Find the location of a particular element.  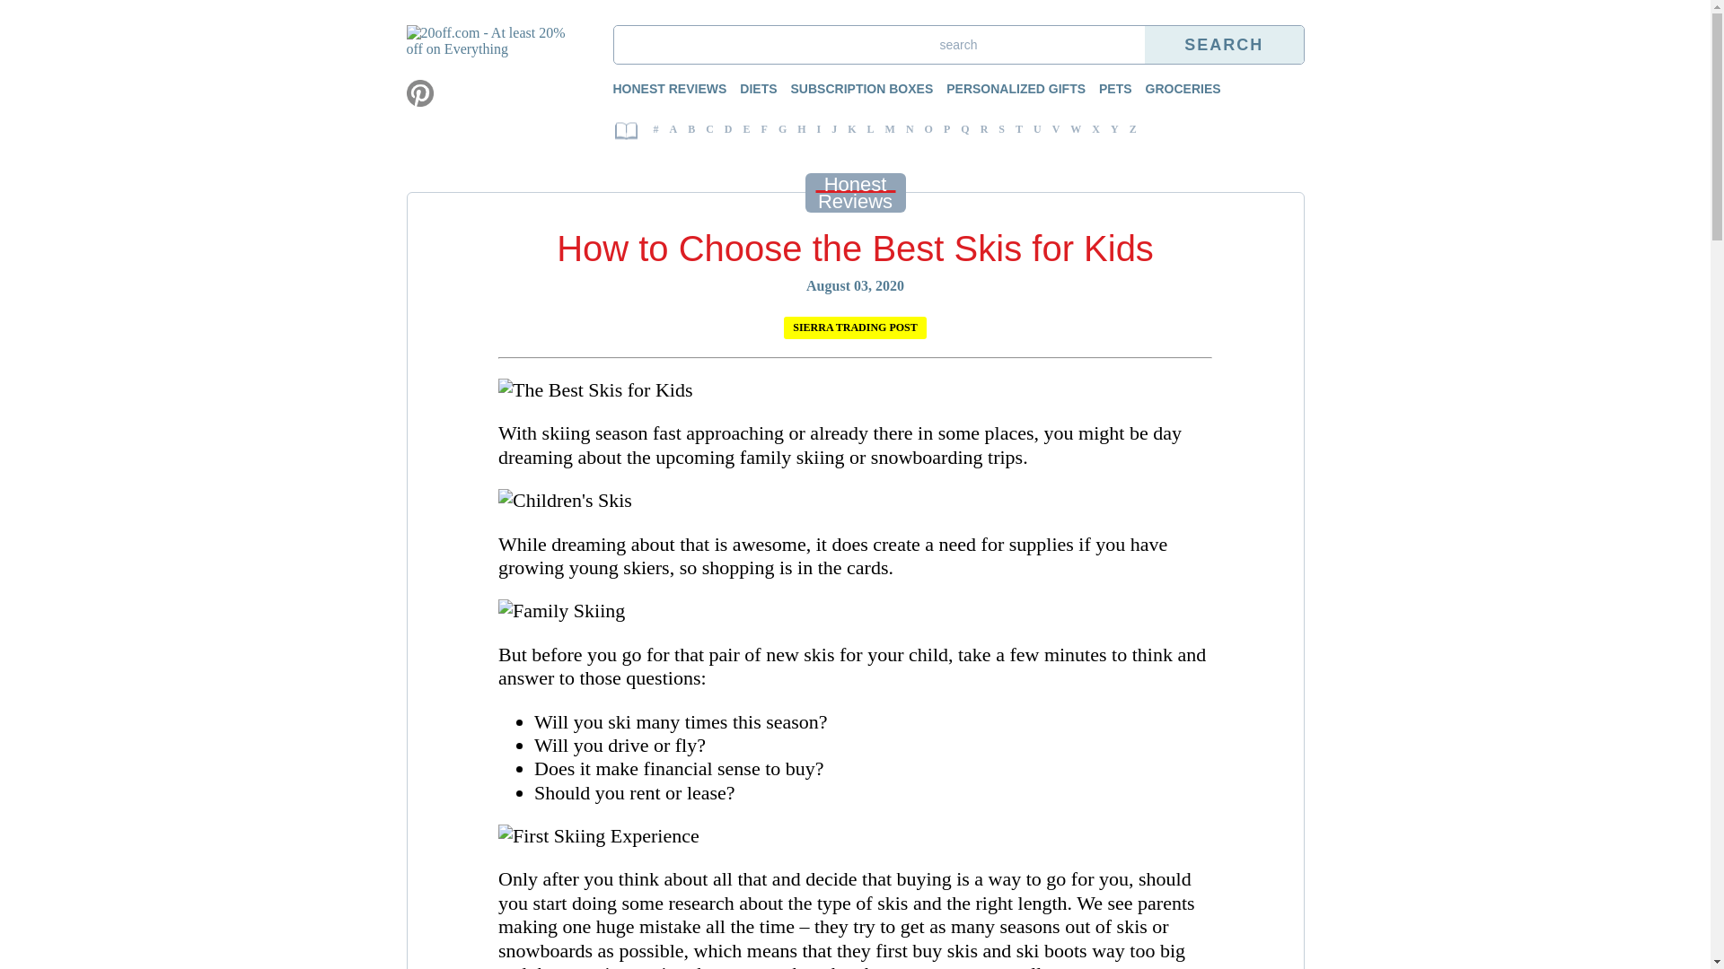

'P' is located at coordinates (946, 128).